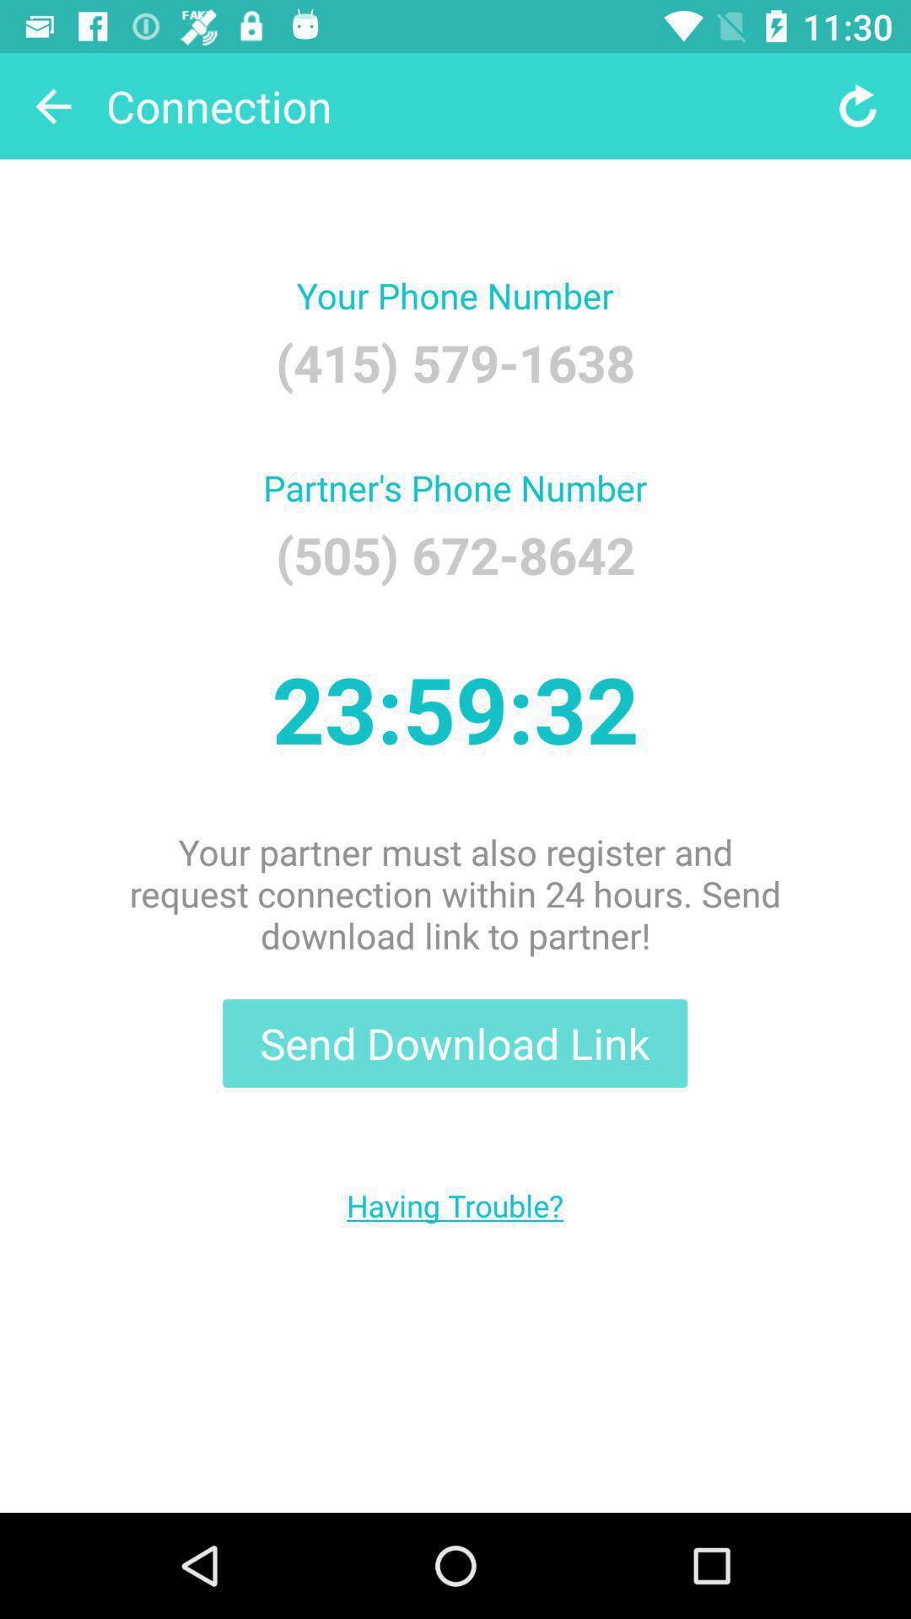  Describe the element at coordinates (454, 1204) in the screenshot. I see `item below send download link item` at that location.